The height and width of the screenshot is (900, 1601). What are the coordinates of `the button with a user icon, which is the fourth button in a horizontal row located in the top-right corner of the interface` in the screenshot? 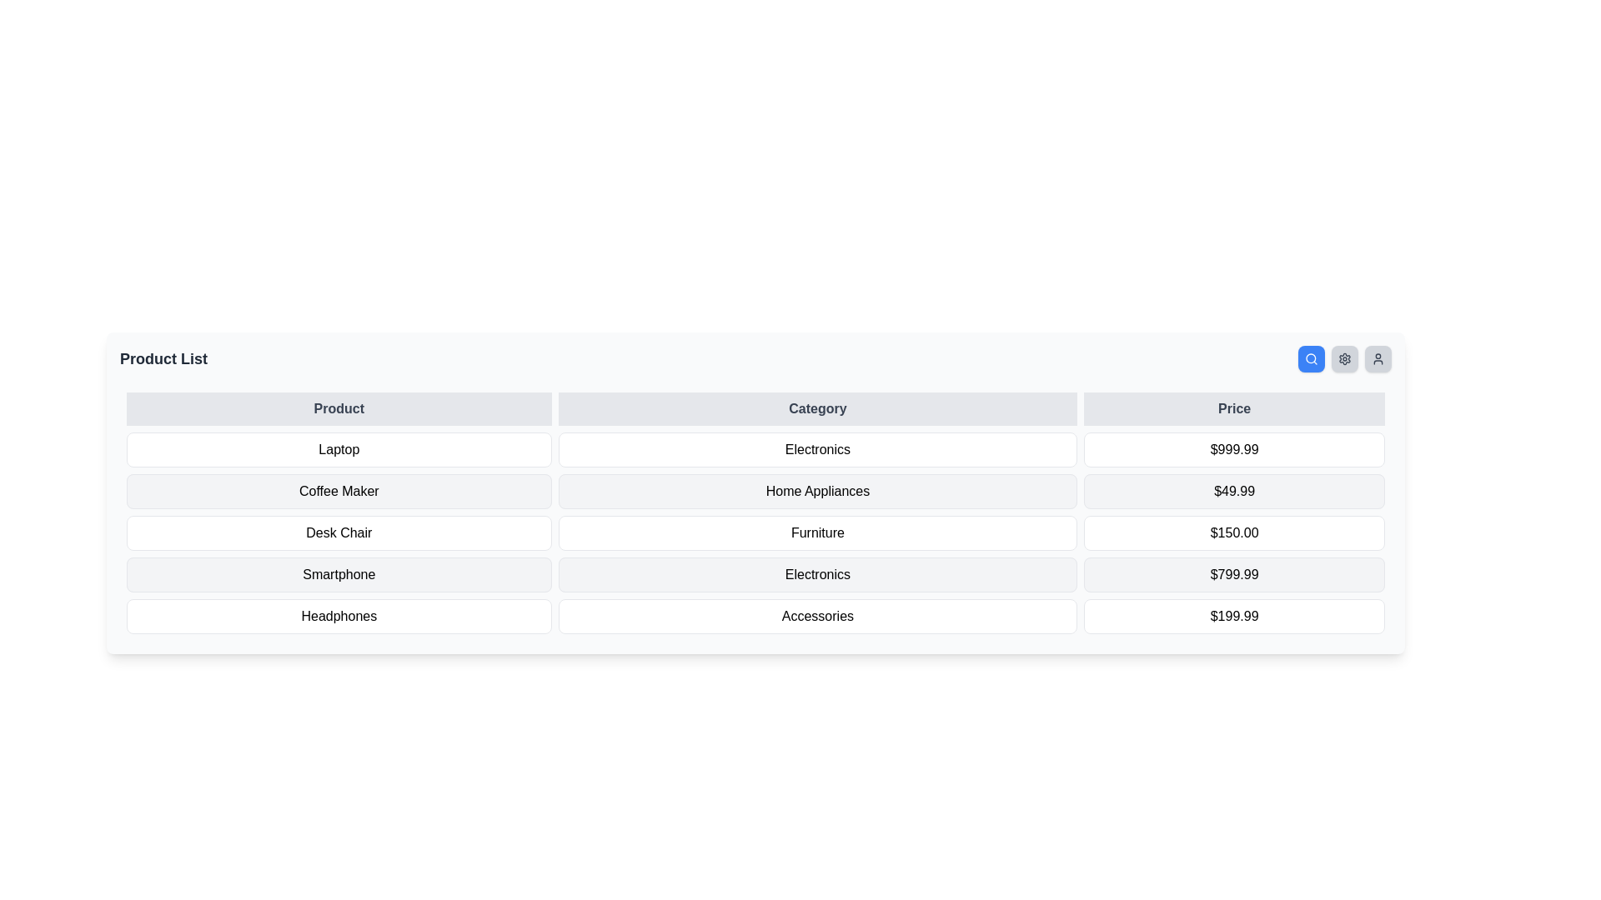 It's located at (1378, 358).